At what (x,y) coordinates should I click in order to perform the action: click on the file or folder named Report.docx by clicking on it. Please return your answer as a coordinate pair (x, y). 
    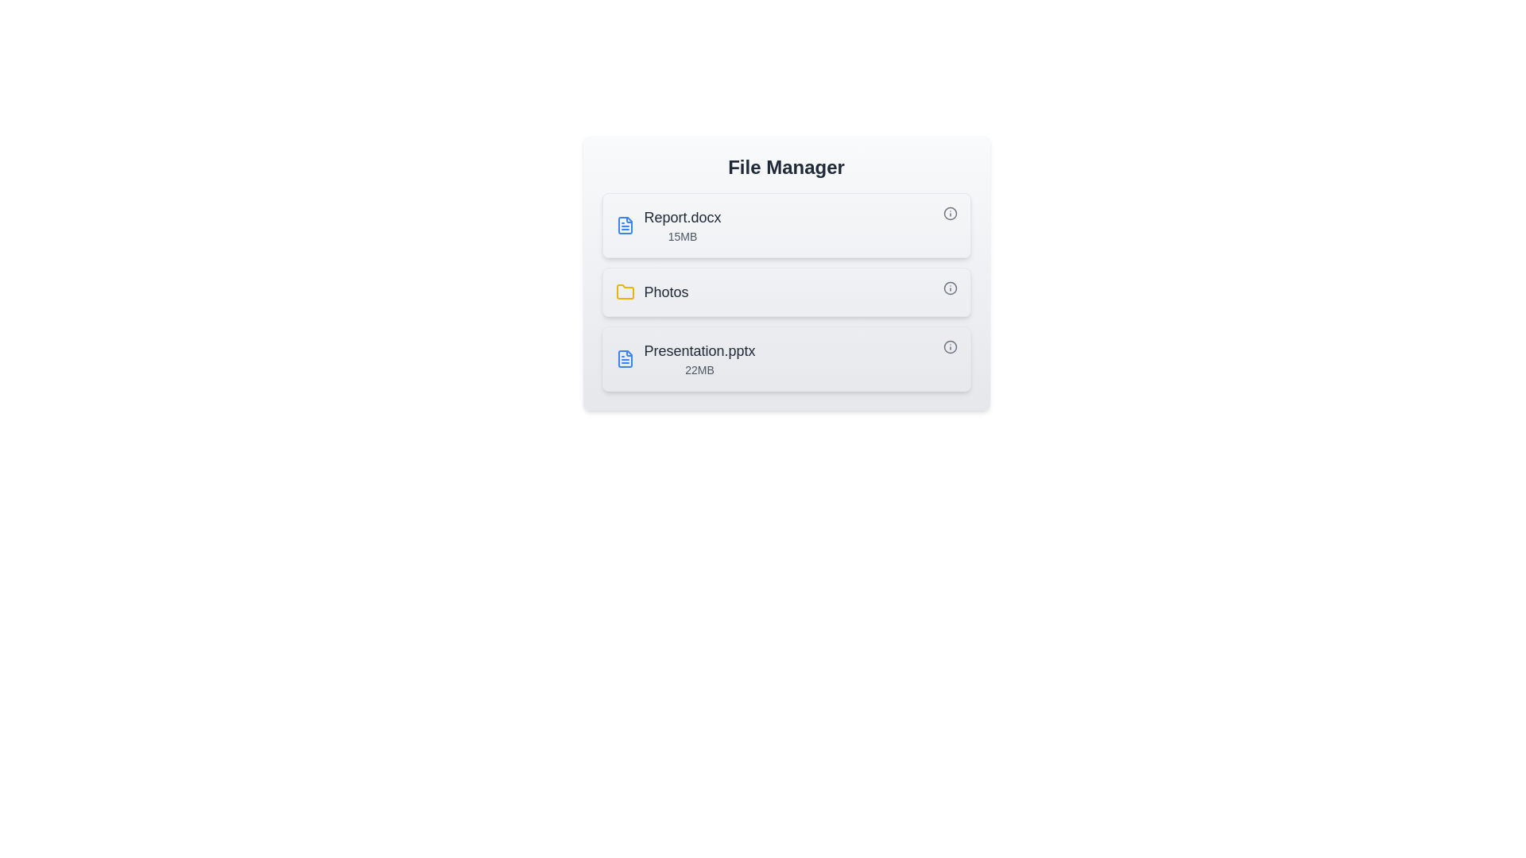
    Looking at the image, I should click on (786, 226).